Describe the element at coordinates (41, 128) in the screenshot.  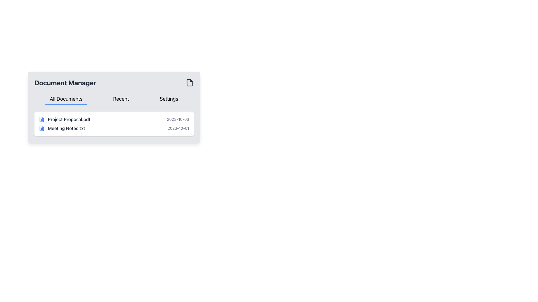
I see `the icon located to the immediate left of the text 'Meeting Notes.txt'` at that location.